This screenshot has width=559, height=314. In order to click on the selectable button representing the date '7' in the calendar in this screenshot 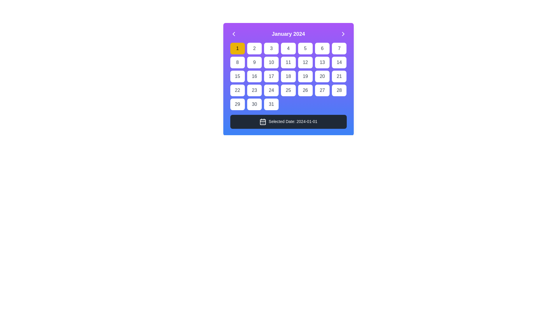, I will do `click(339, 48)`.